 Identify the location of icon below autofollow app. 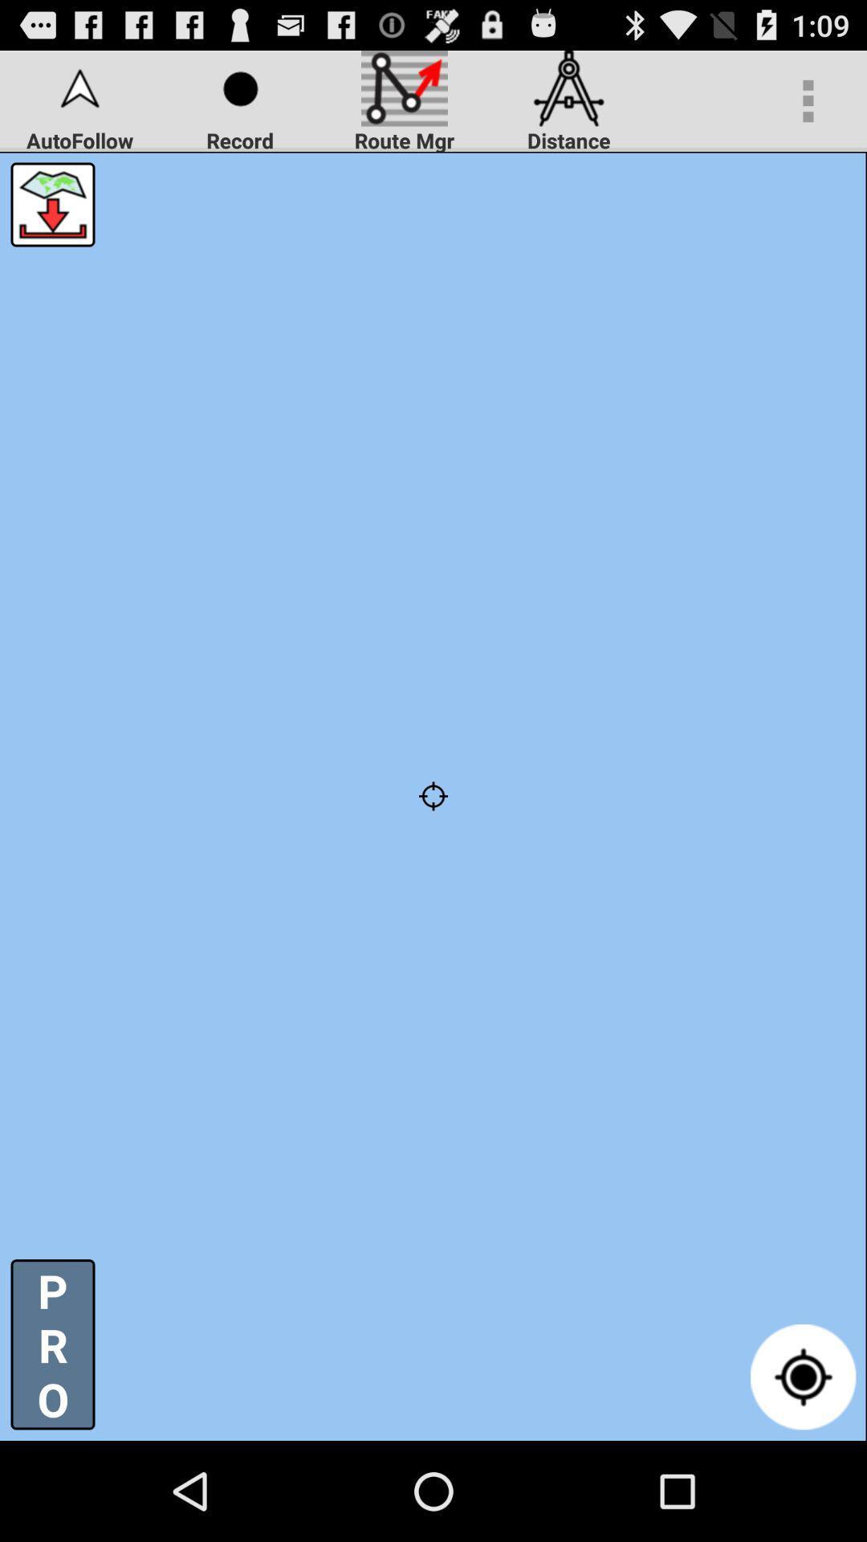
(433, 796).